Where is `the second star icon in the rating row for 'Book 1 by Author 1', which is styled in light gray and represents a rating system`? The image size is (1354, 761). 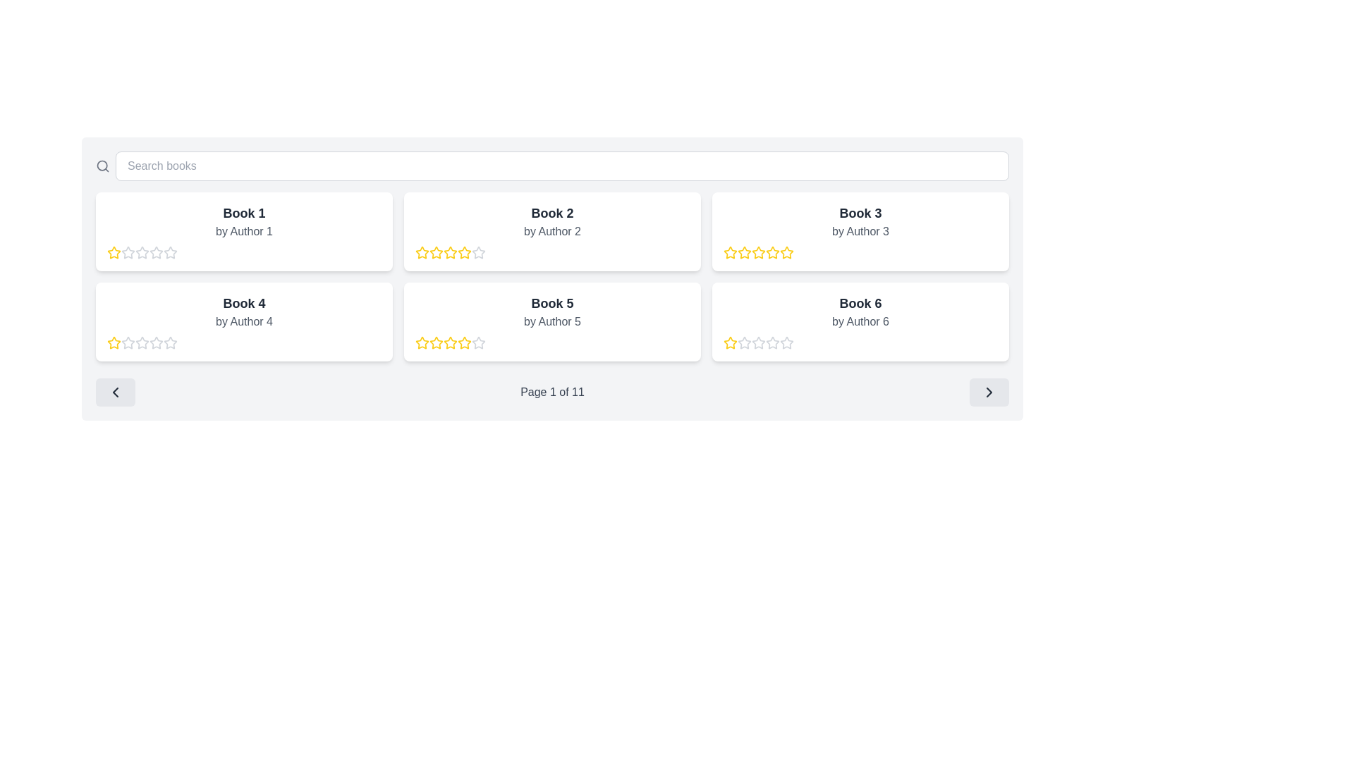 the second star icon in the rating row for 'Book 1 by Author 1', which is styled in light gray and represents a rating system is located at coordinates (156, 252).